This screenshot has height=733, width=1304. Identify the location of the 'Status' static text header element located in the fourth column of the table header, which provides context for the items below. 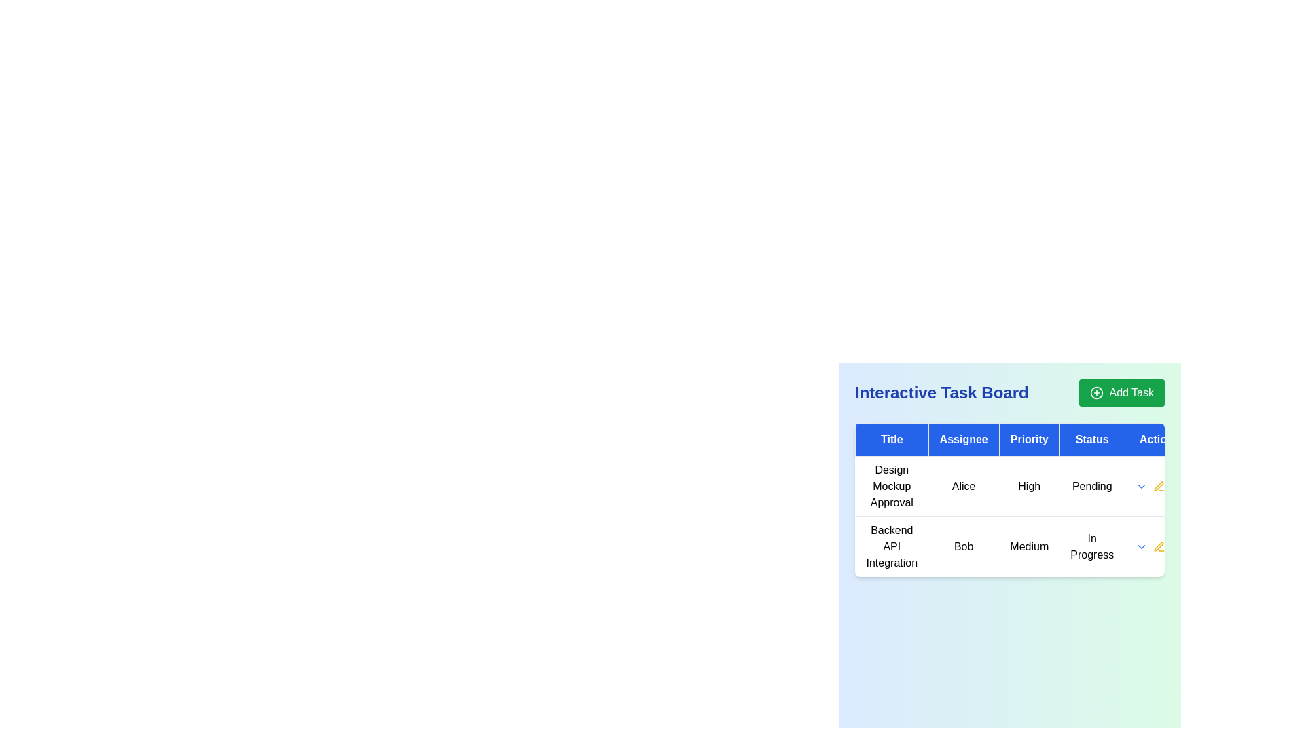
(1092, 440).